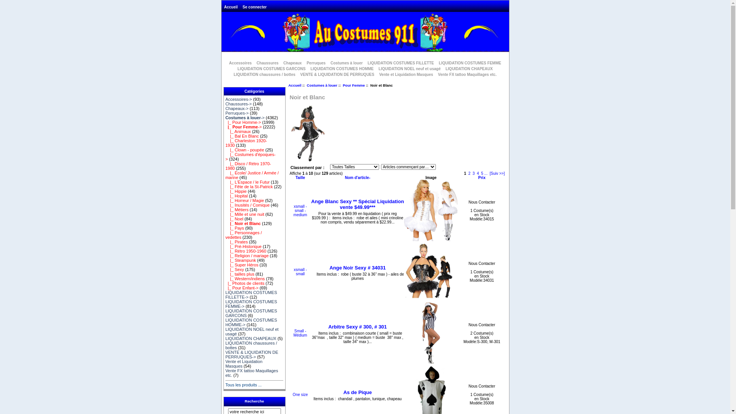 This screenshot has height=414, width=736. What do you see at coordinates (272, 68) in the screenshot?
I see `'LIQUIDATION COSTUMES GARCONS'` at bounding box center [272, 68].